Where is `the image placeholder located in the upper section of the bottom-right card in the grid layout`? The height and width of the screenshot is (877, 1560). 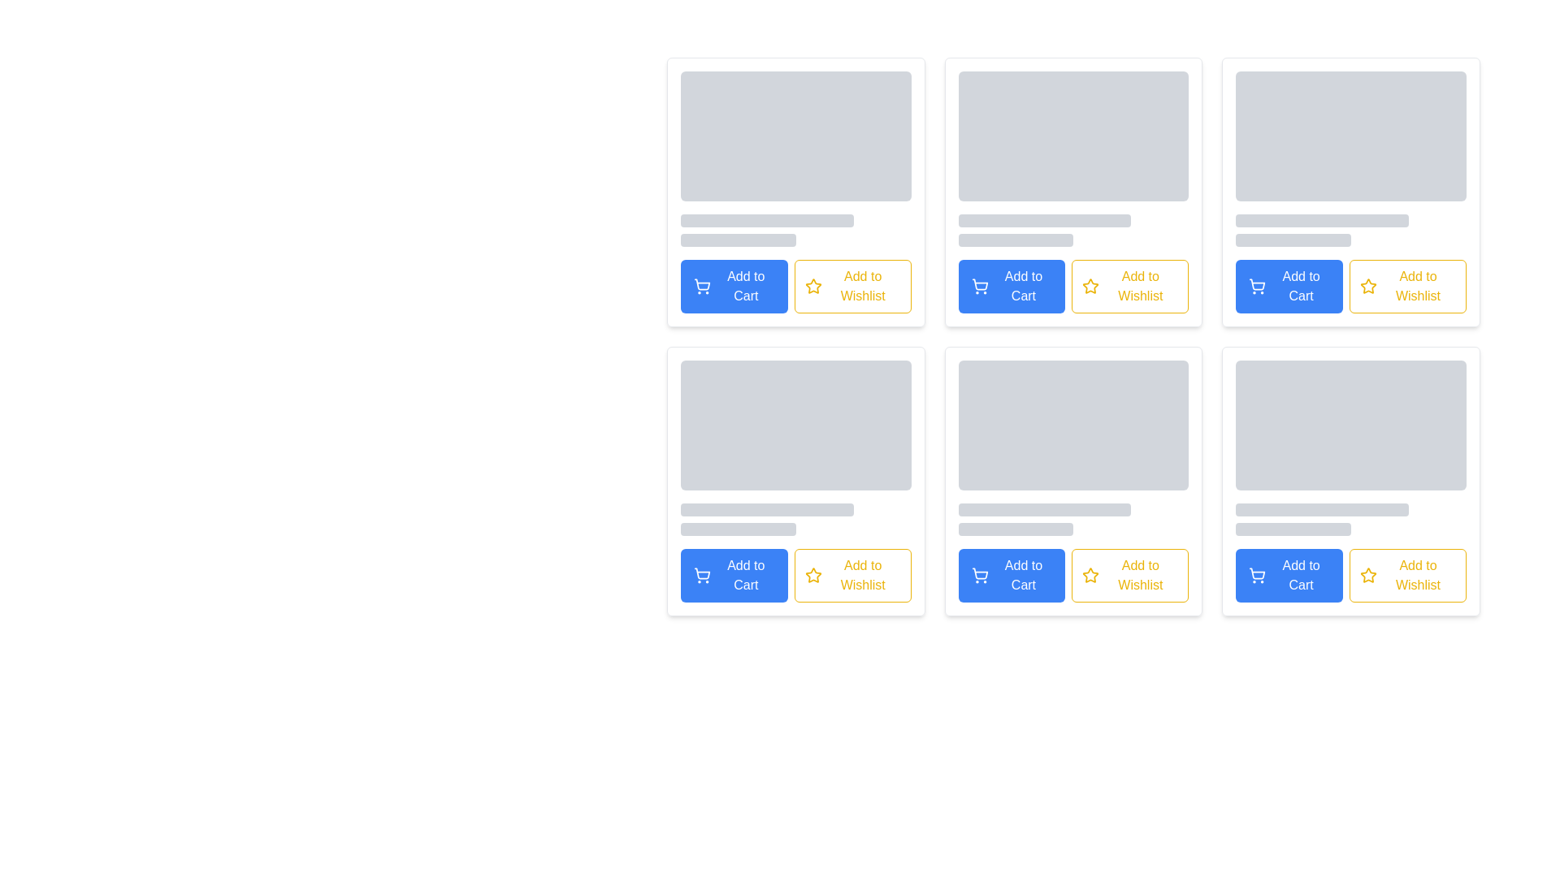
the image placeholder located in the upper section of the bottom-right card in the grid layout is located at coordinates (1351, 447).